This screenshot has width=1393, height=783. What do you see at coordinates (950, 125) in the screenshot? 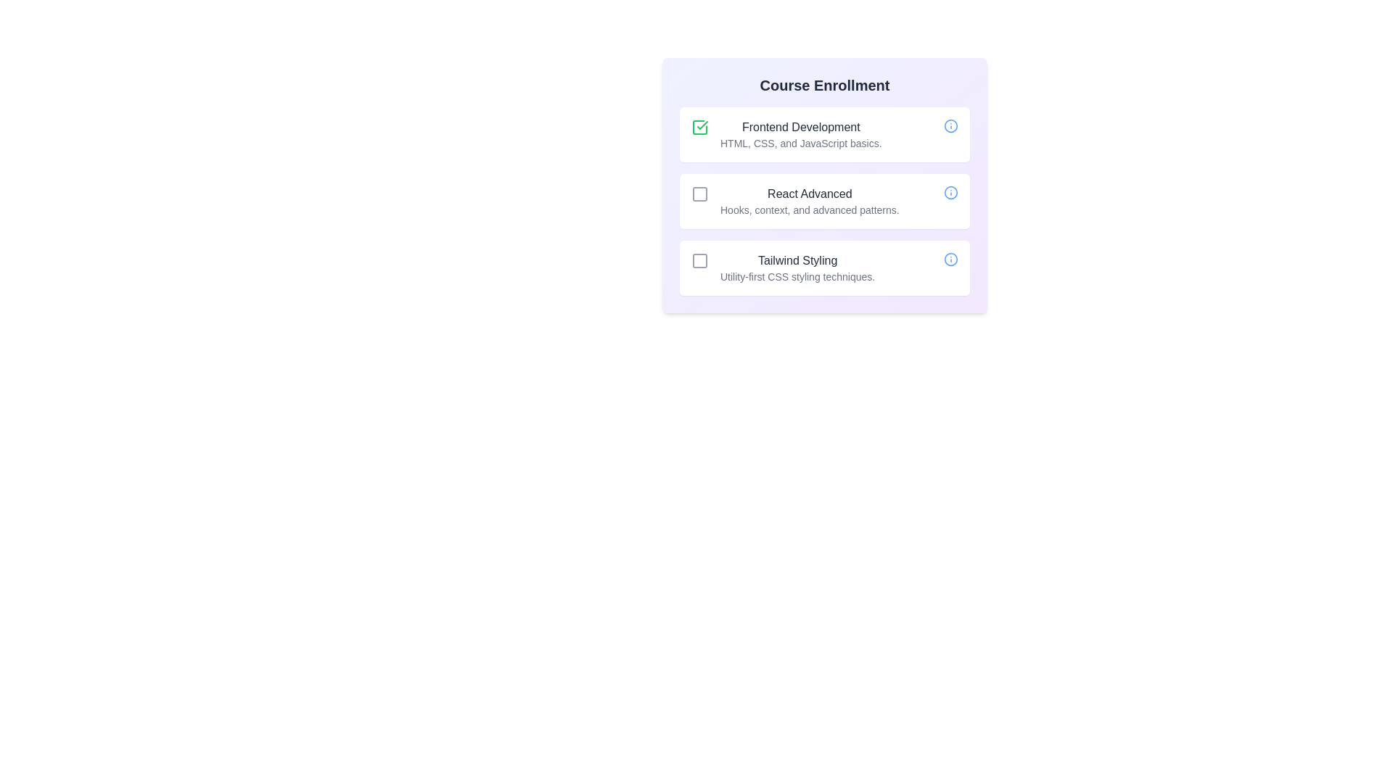
I see `the circular graphical element in the SVG icon that provides additional details about the 'Frontend Development' option, located on the right side of the option in the 'Course Enrollment' section` at bounding box center [950, 125].